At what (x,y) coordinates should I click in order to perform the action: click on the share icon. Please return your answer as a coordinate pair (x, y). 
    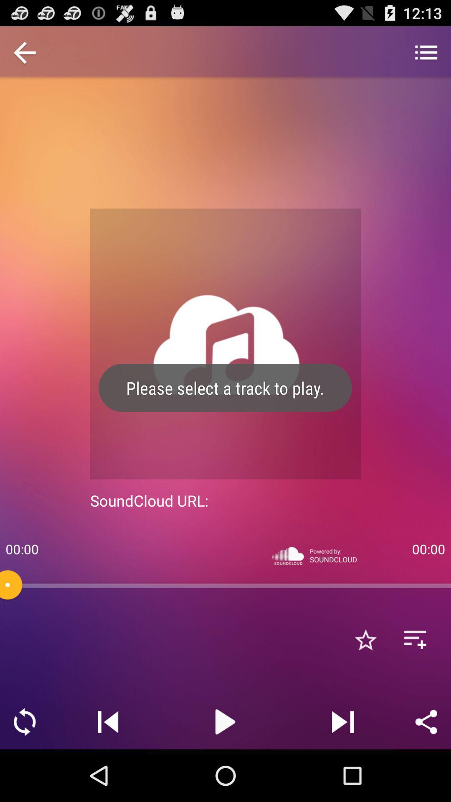
    Looking at the image, I should click on (426, 772).